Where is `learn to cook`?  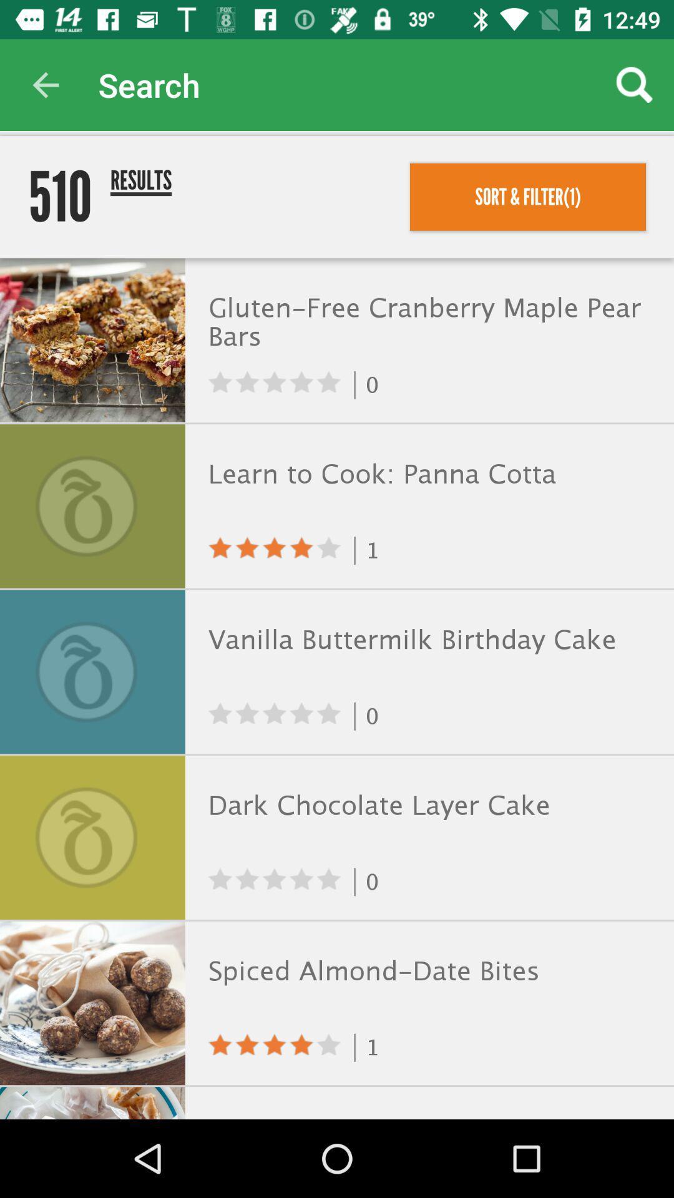 learn to cook is located at coordinates (426, 474).